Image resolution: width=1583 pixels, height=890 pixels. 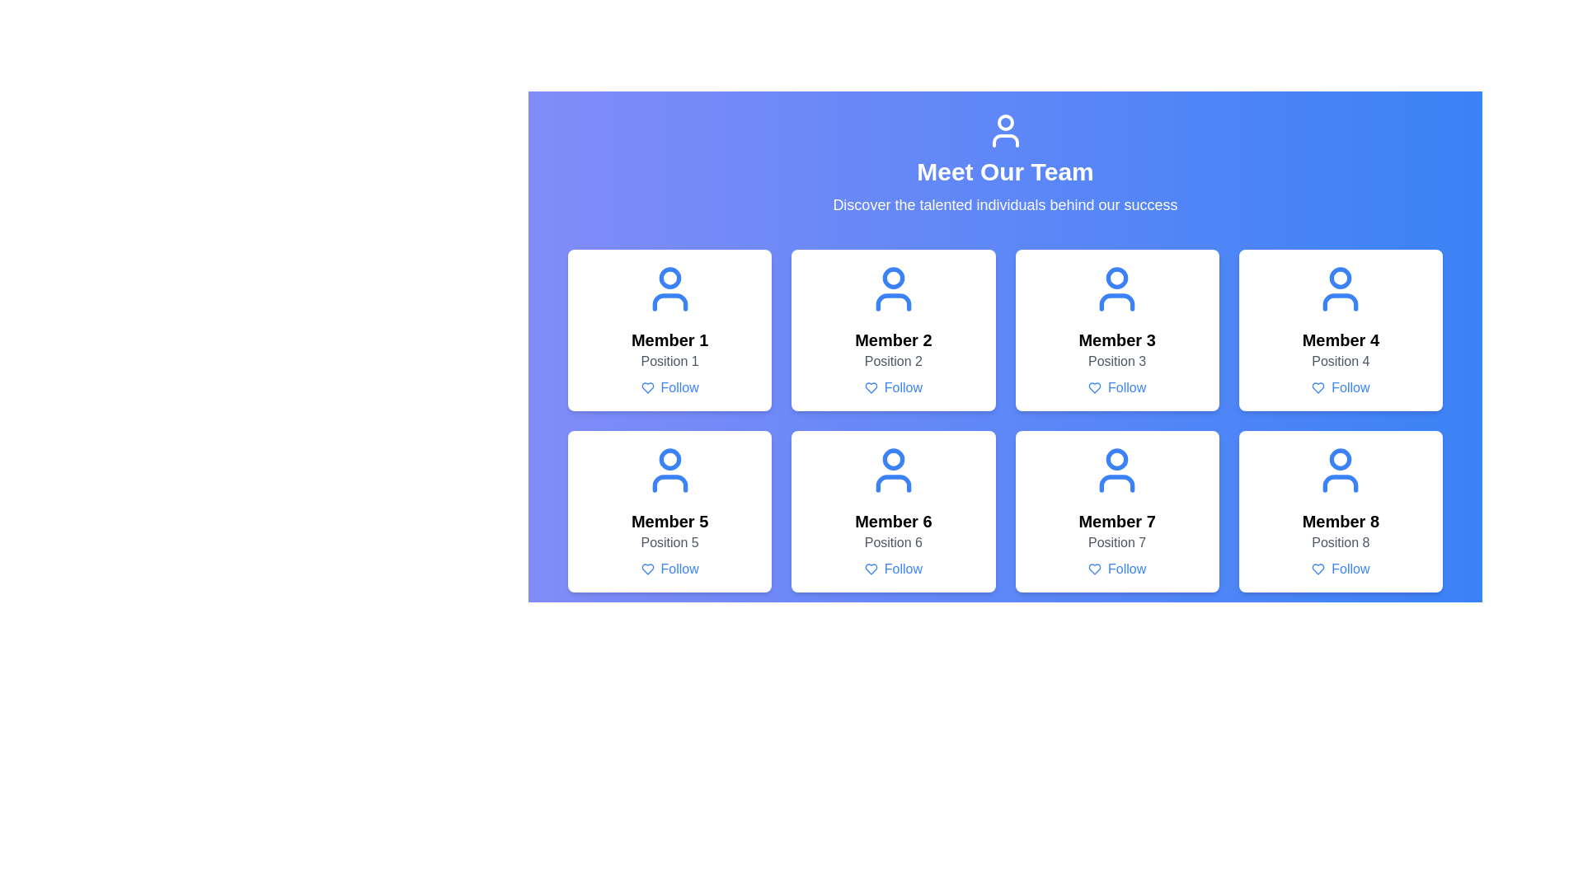 I want to click on the icon representing 'Member 4' located in the top-right corner of the 2x4 grid layout, so click(x=1341, y=288).